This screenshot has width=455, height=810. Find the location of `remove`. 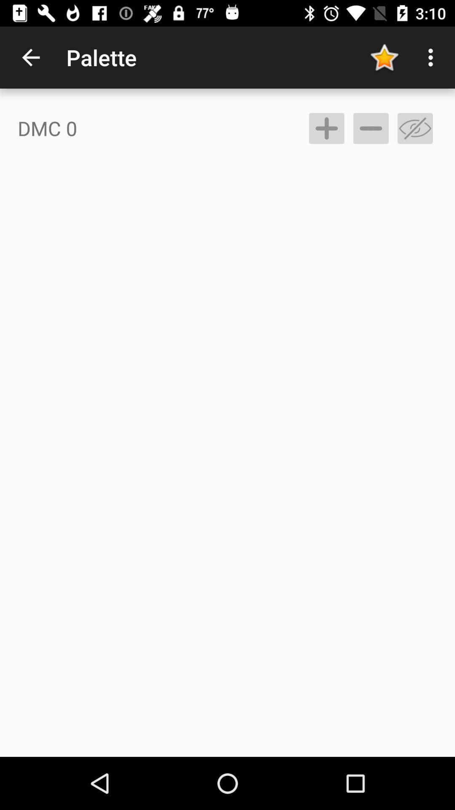

remove is located at coordinates (370, 128).